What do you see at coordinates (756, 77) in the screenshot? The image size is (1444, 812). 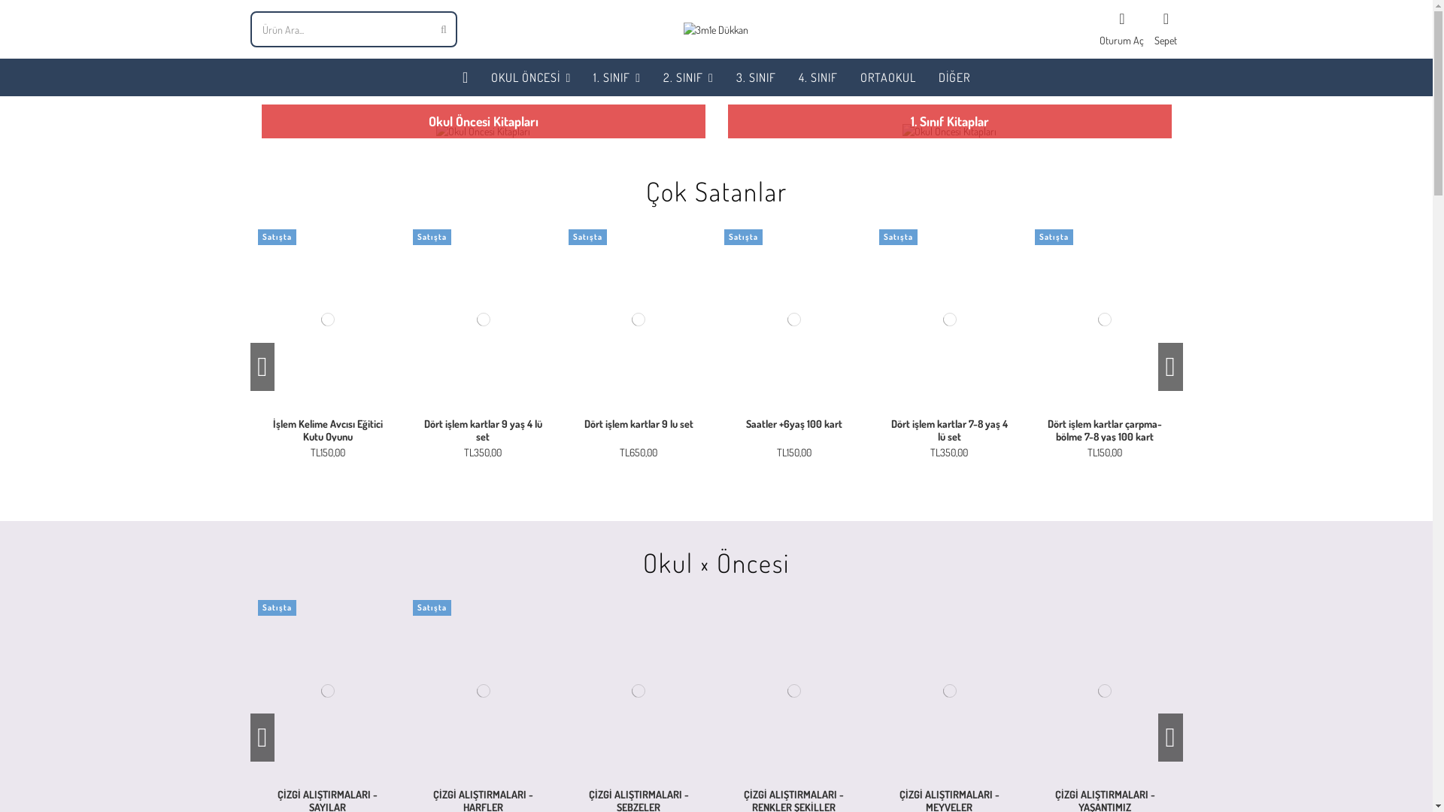 I see `'3. SINIF'` at bounding box center [756, 77].